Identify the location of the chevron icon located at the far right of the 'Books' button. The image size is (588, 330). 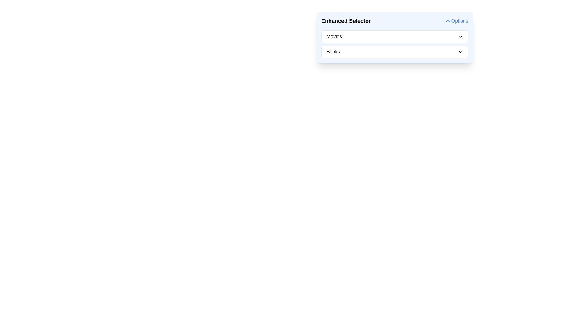
(460, 51).